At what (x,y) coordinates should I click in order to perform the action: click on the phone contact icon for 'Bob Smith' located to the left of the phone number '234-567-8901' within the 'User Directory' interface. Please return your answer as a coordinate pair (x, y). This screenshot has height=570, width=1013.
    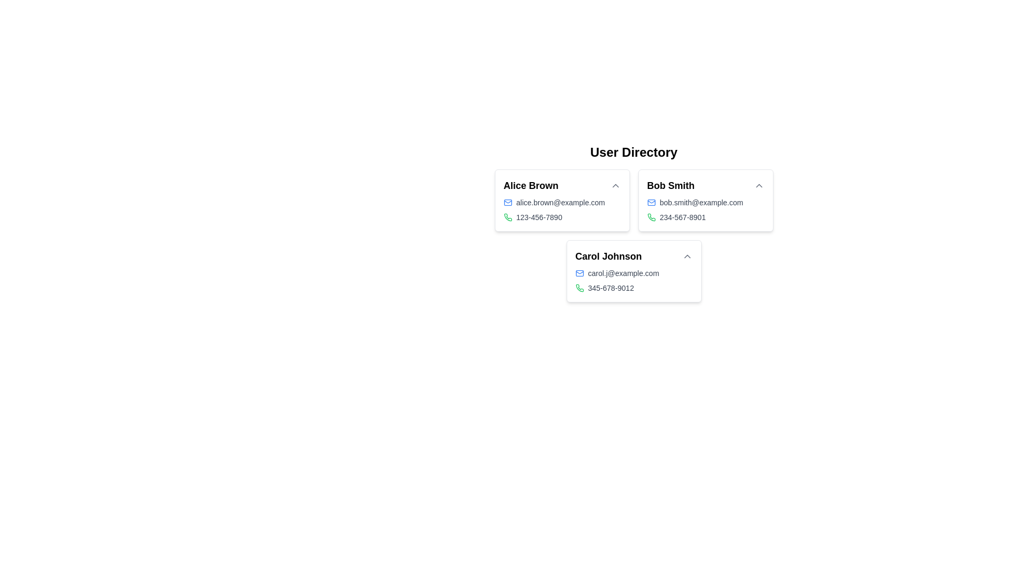
    Looking at the image, I should click on (651, 217).